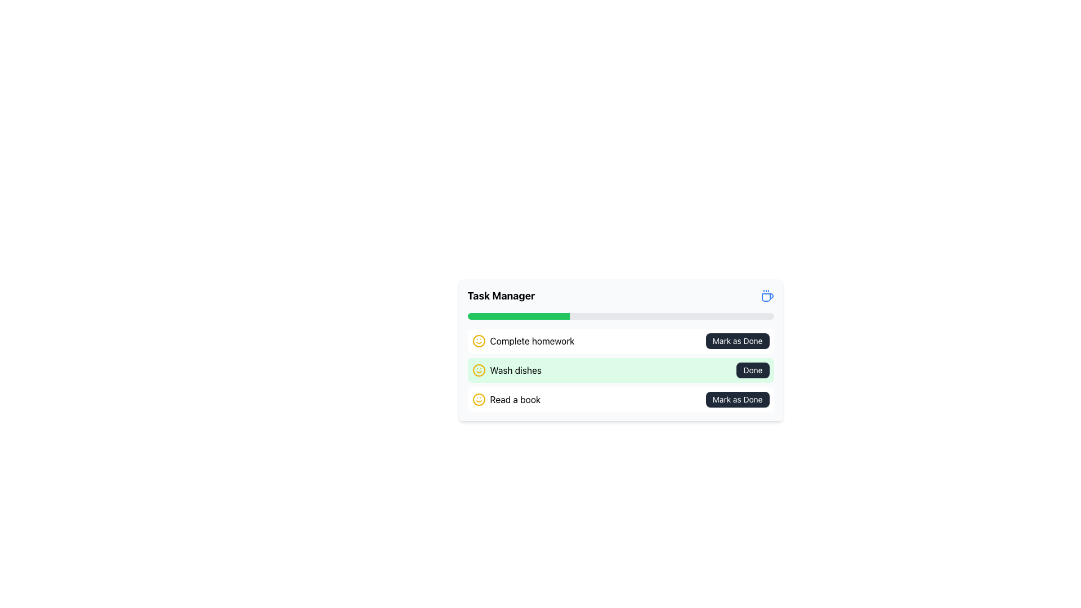  What do you see at coordinates (506, 370) in the screenshot?
I see `the 'Wash dishes' task label in the task manager list, which is the second task between 'Complete homework' and 'Read a book'` at bounding box center [506, 370].